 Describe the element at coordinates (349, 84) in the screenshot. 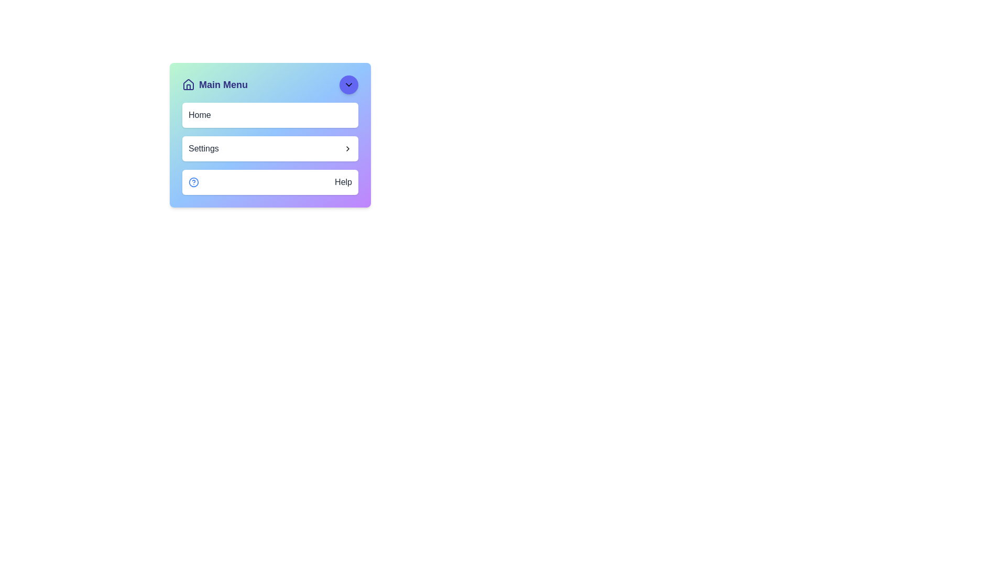

I see `the chevron icon, which is located within a circular button towards the top-right area of the main UI menu, adjacent to the 'Main Menu' label` at that location.